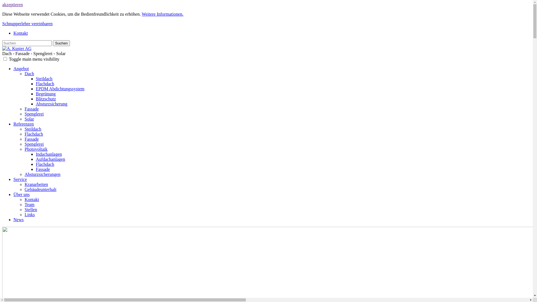 This screenshot has height=302, width=537. I want to click on 'Stellen', so click(30, 209).